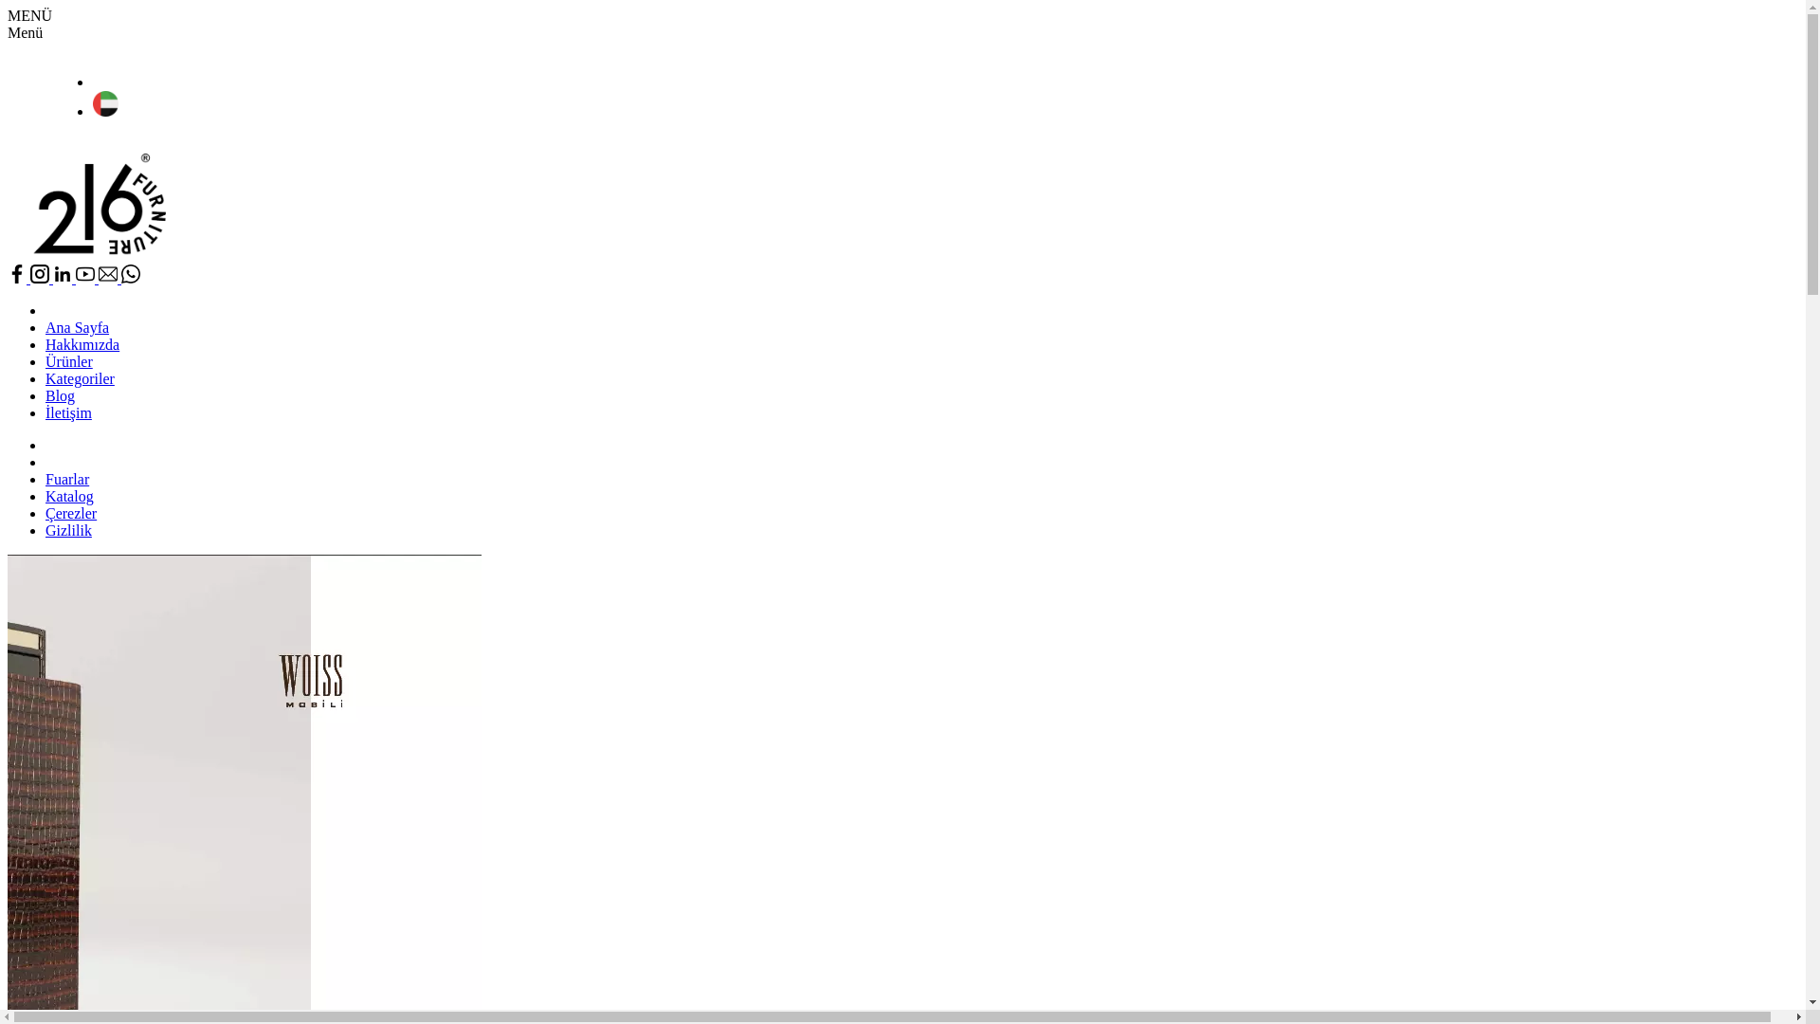 This screenshot has height=1024, width=1820. I want to click on 'Gizlilik', so click(68, 530).